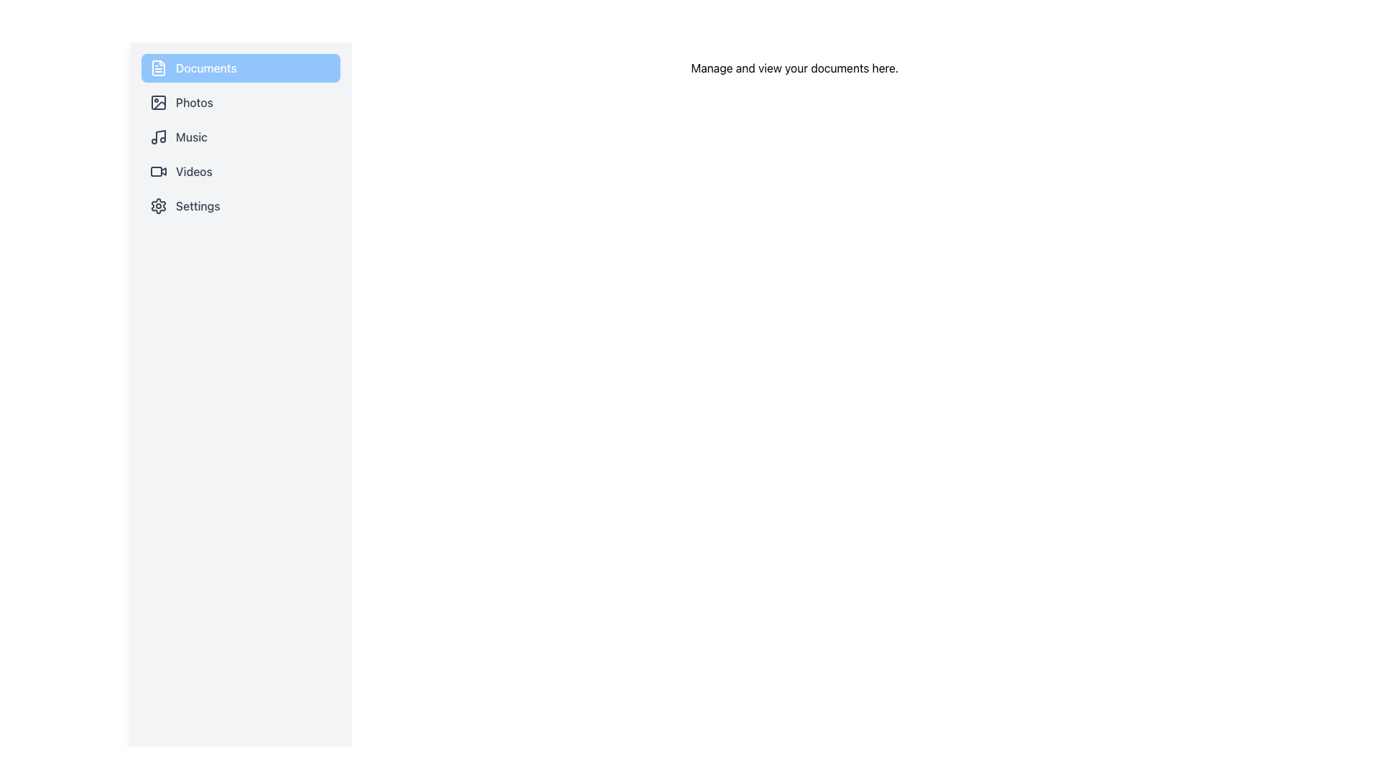  What do you see at coordinates (205, 68) in the screenshot?
I see `the 'Documents' text label, which is the primary label in the left-side navigation menu, next to a document icon` at bounding box center [205, 68].